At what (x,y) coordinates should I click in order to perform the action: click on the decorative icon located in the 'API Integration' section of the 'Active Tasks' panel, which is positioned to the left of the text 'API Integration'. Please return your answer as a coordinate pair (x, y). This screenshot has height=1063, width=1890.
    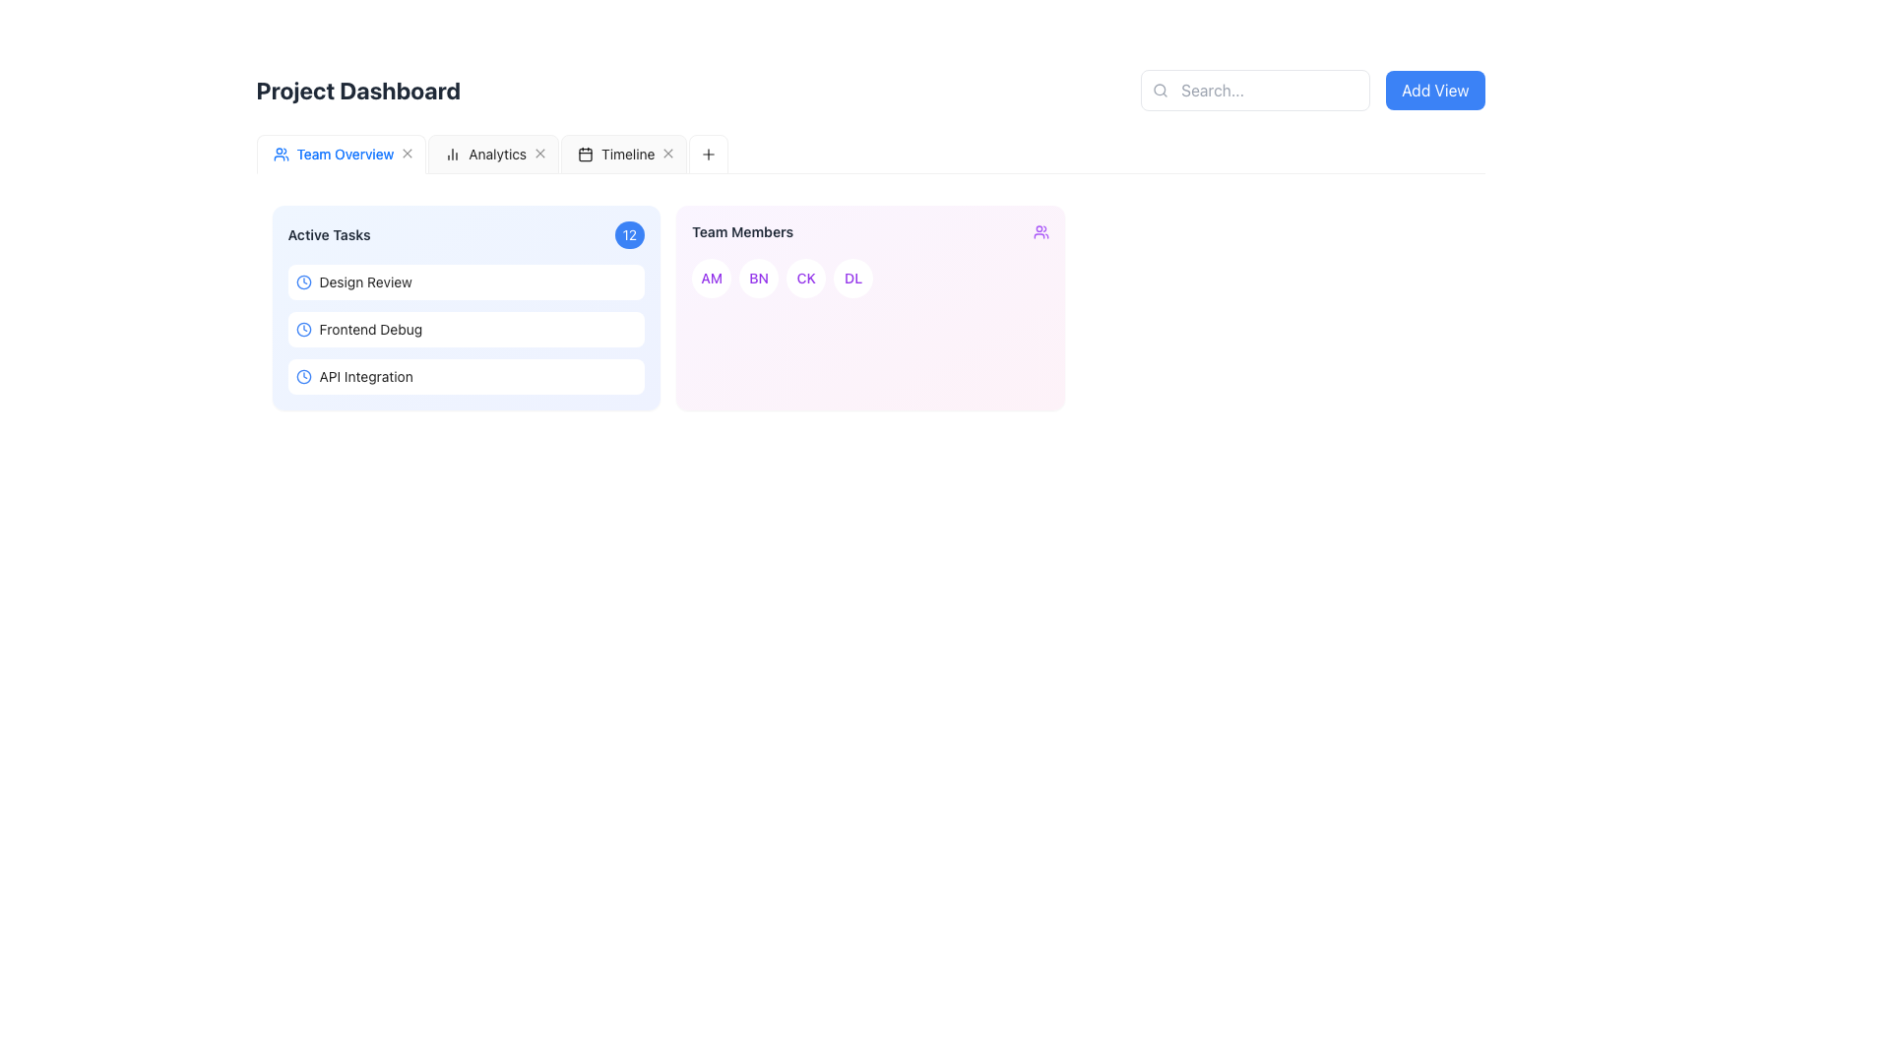
    Looking at the image, I should click on (302, 376).